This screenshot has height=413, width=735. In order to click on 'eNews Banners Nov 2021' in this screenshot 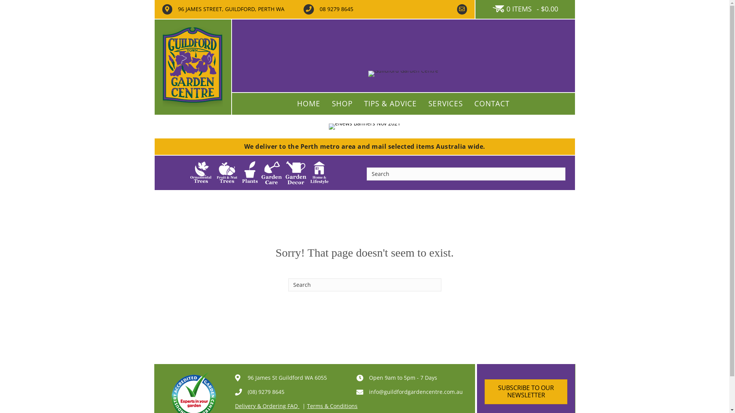, I will do `click(364, 126)`.